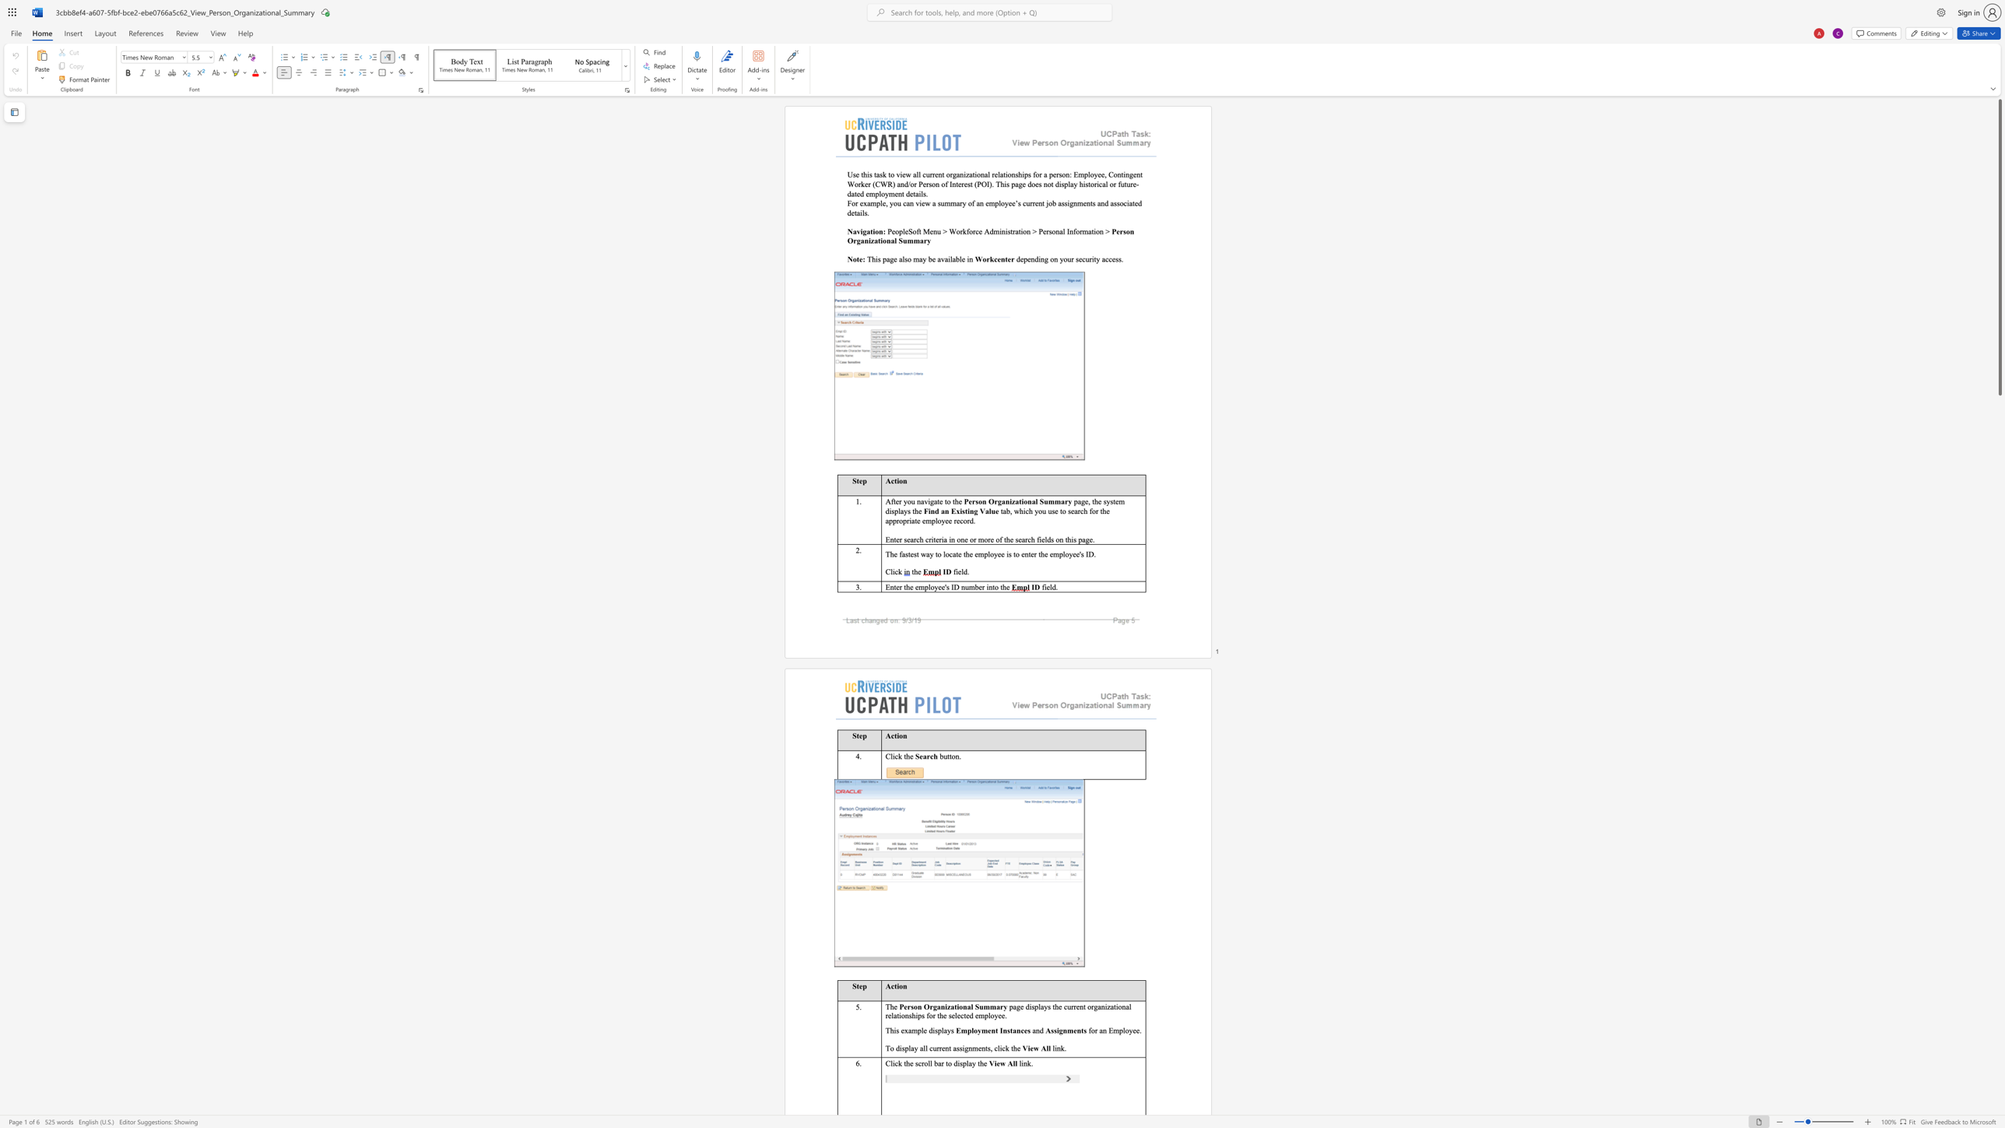  I want to click on the subset text "labl" within the text "This page also may be available in", so click(950, 258).